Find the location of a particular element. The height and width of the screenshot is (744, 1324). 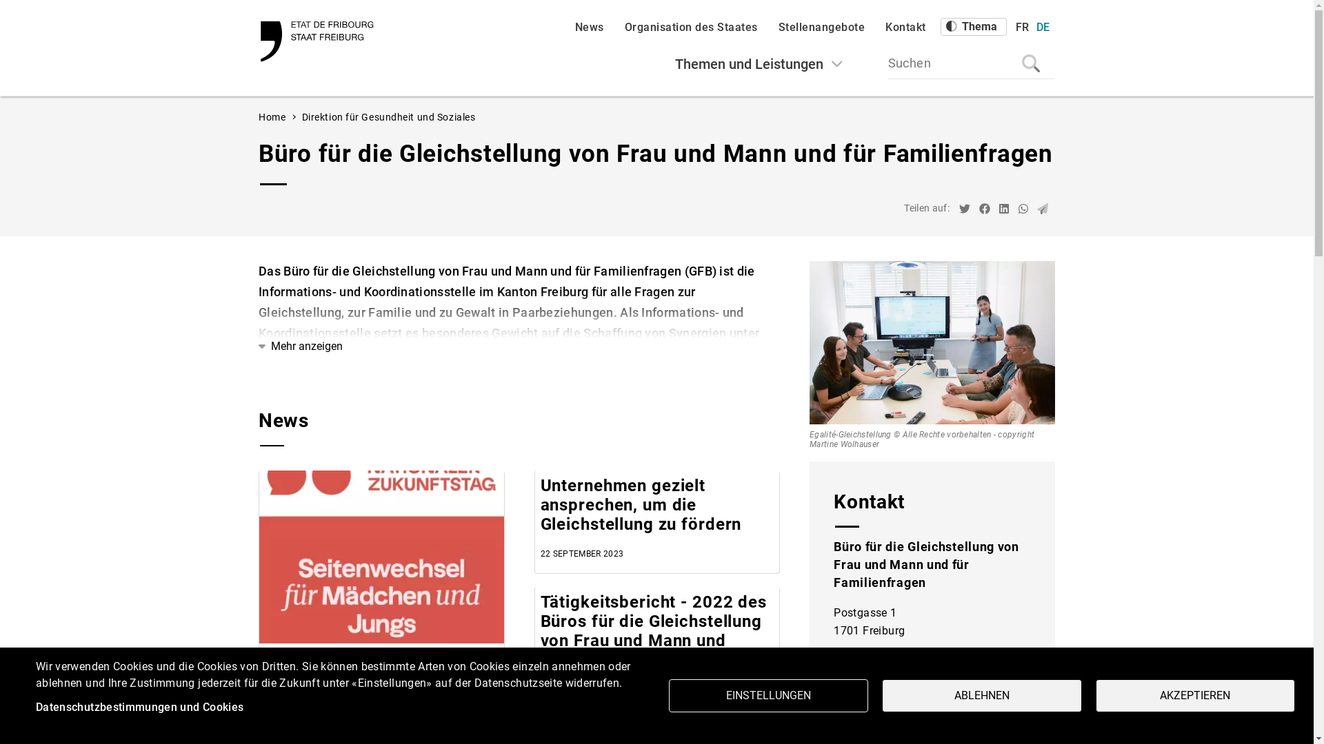

'Teilen auf Linkedin' is located at coordinates (999, 209).